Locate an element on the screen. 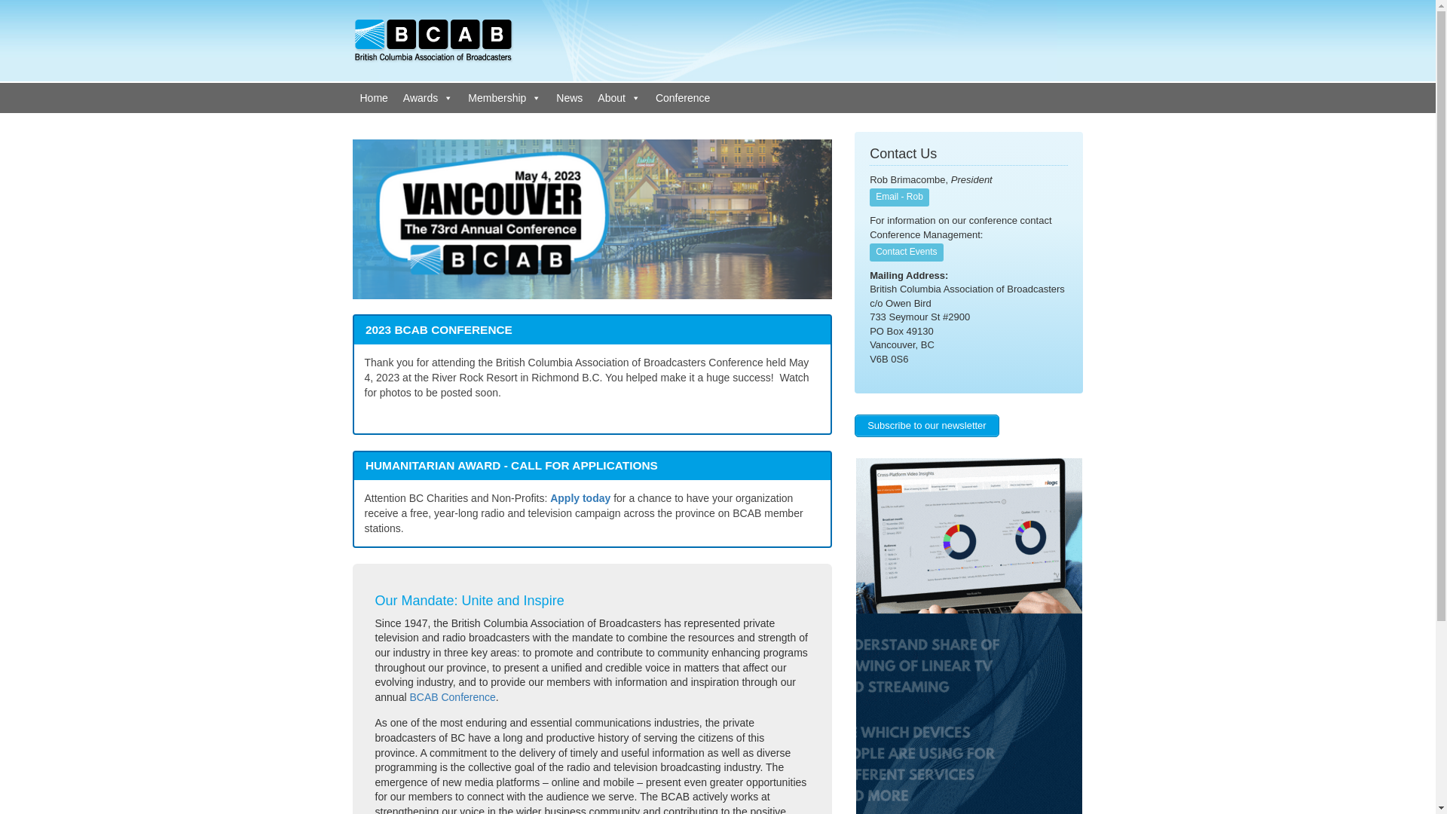 The height and width of the screenshot is (814, 1447). 'BCAB Conference' is located at coordinates (451, 697).